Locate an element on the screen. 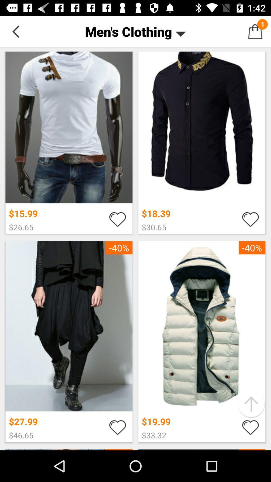 The width and height of the screenshot is (271, 482). the arrow_upward icon is located at coordinates (251, 404).